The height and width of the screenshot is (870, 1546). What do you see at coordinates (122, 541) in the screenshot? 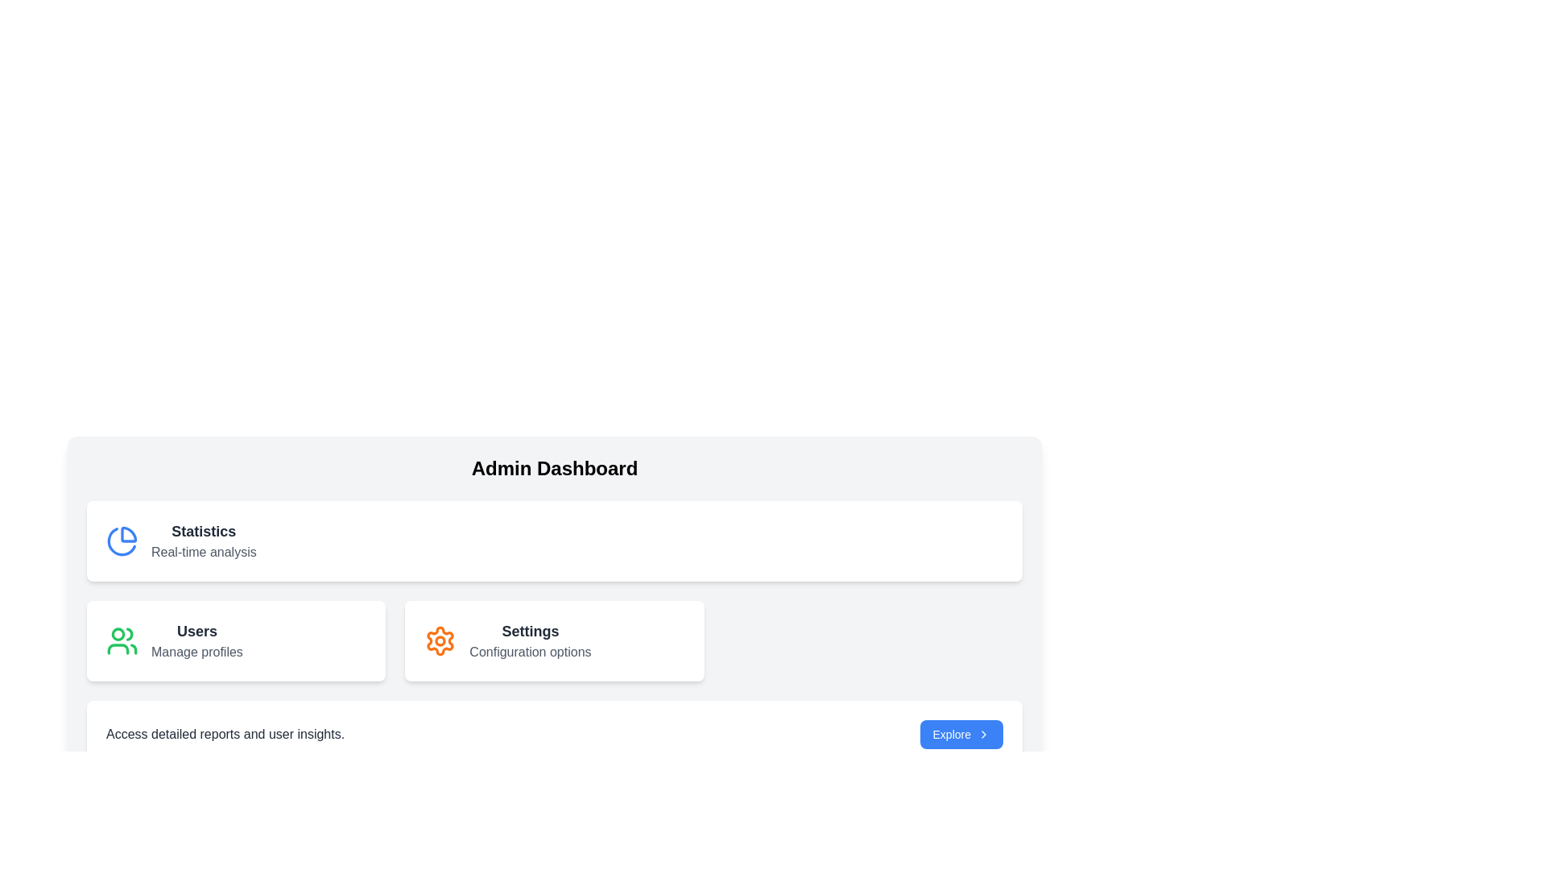
I see `the statistics icon, which is a visual representation of a pie chart located on the left side of the 'Statistics' card in the top-left corner of the interface` at bounding box center [122, 541].